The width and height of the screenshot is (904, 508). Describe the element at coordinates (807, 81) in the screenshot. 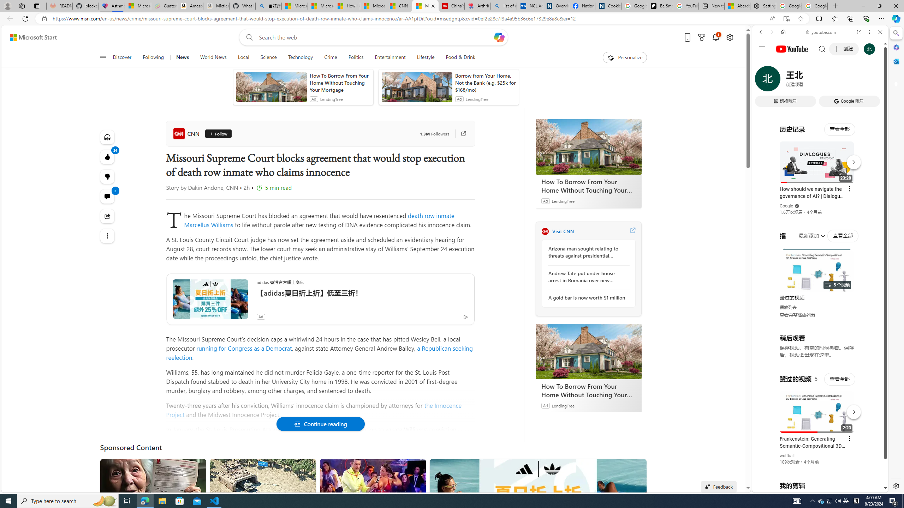

I see `'VIDEOS'` at that location.